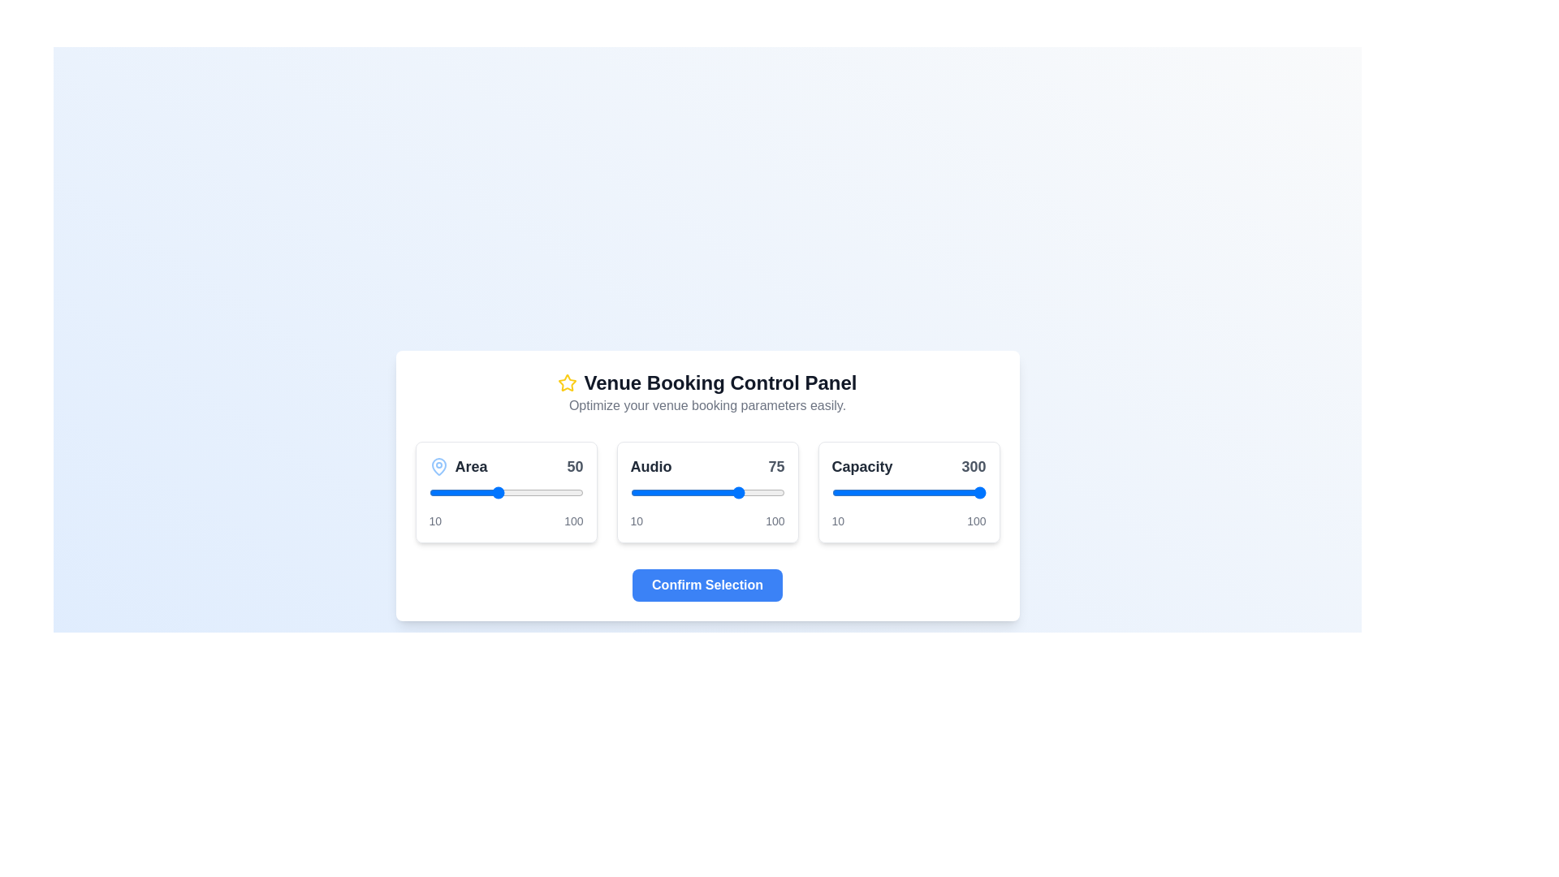 The image size is (1559, 877). I want to click on the Text Label indicating the minimum value '10' for the 'Audio' range controller, located in the bottom-left corner of the slider section, so click(435, 521).